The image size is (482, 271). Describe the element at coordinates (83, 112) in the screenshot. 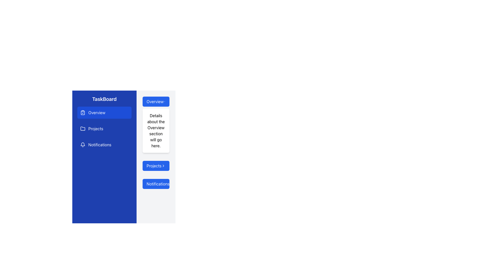

I see `the clipboard check icon located to the left of the 'Overview' text label in the left-side navigation menu` at that location.